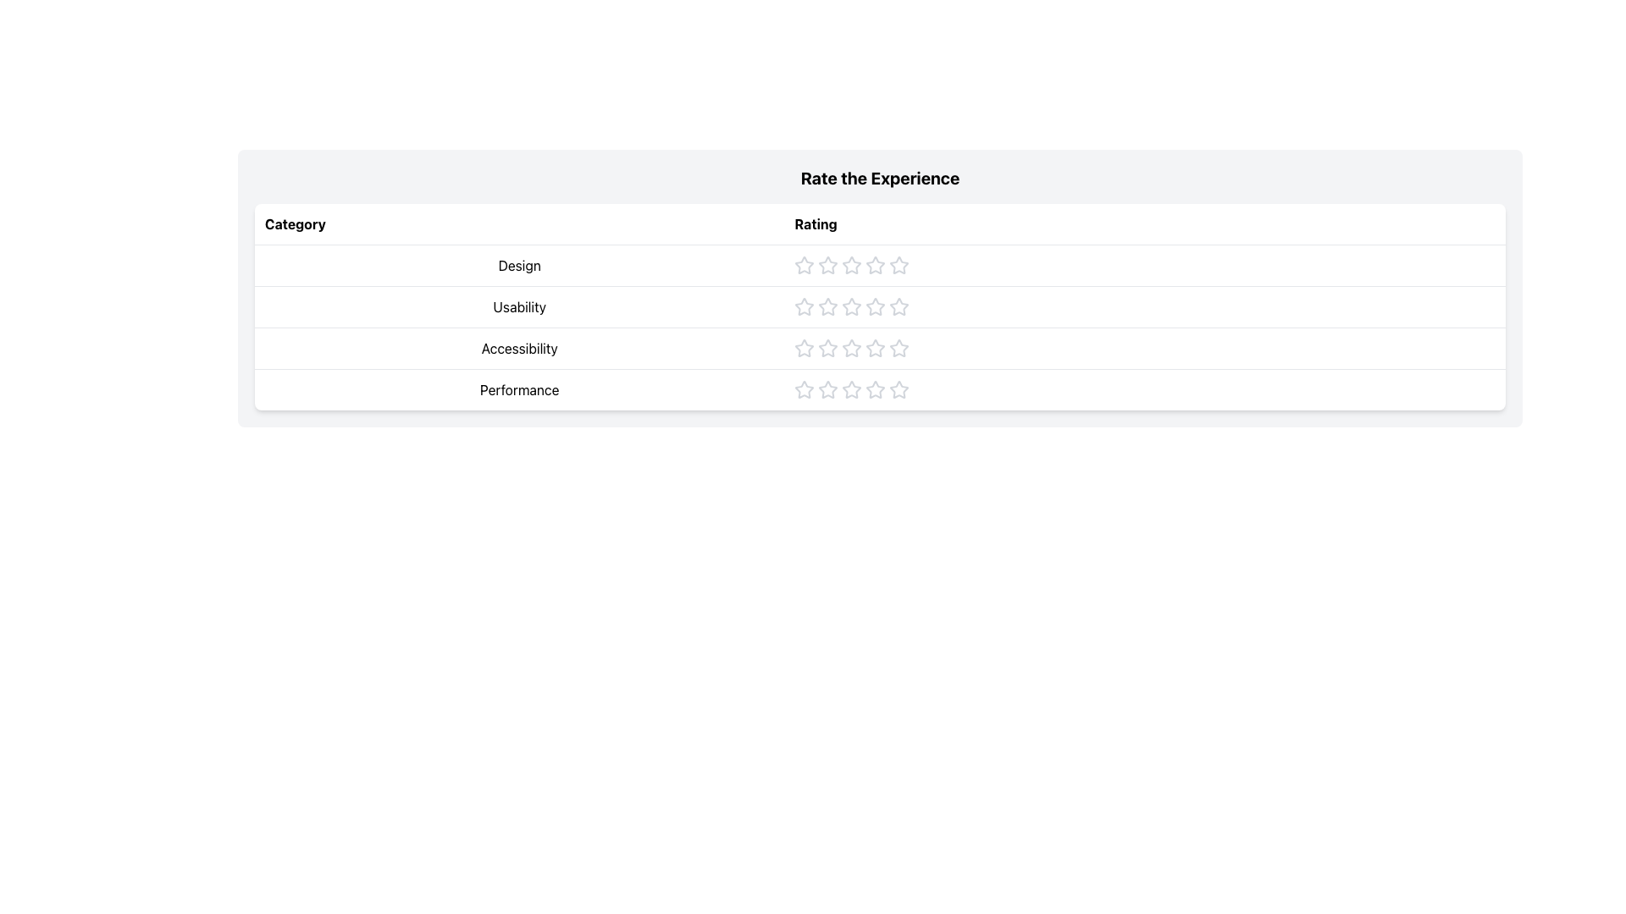  What do you see at coordinates (804, 348) in the screenshot?
I see `the first star icon in the 'Accessibility' row` at bounding box center [804, 348].